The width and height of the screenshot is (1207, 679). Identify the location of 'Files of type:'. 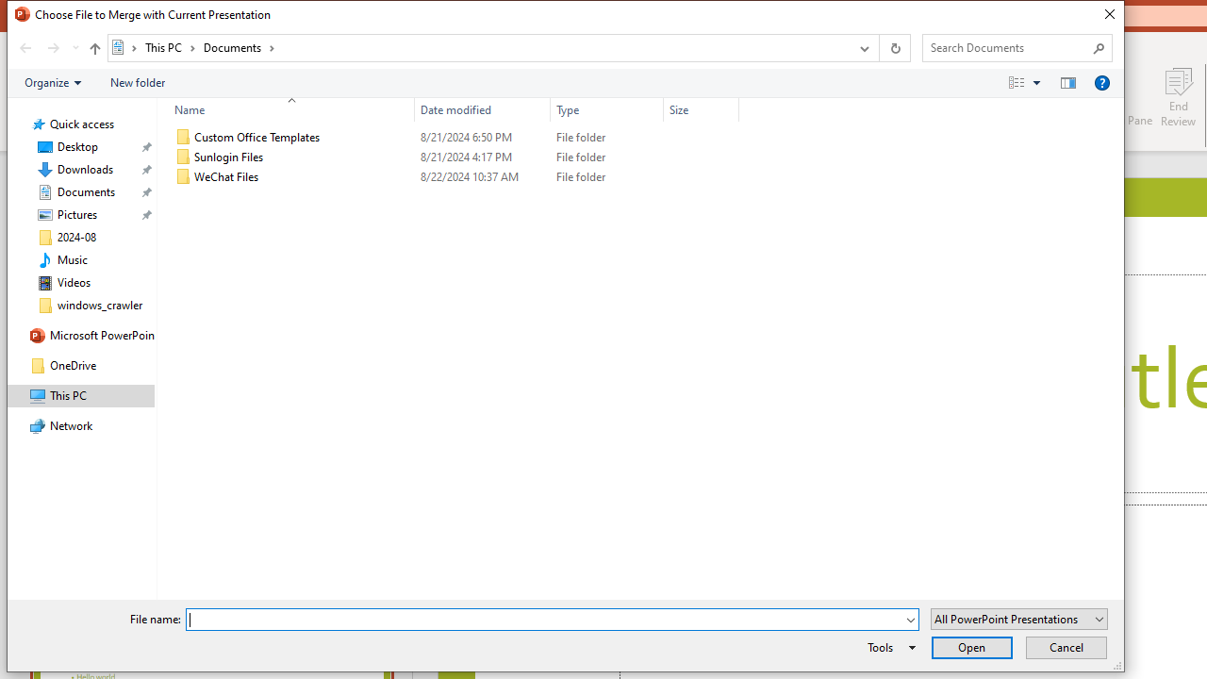
(1017, 619).